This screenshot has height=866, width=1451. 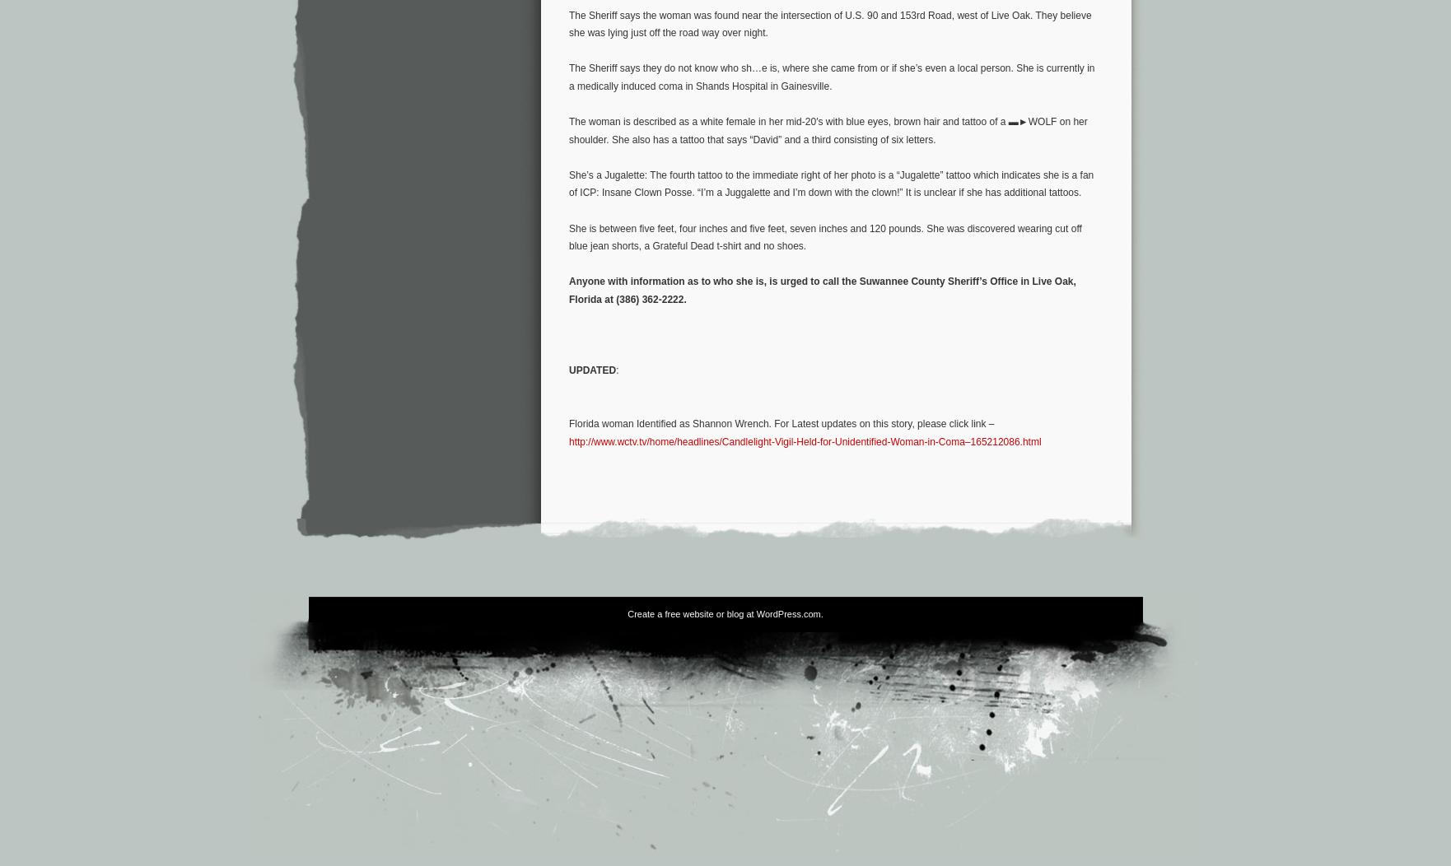 What do you see at coordinates (591, 370) in the screenshot?
I see `'UPDATED'` at bounding box center [591, 370].